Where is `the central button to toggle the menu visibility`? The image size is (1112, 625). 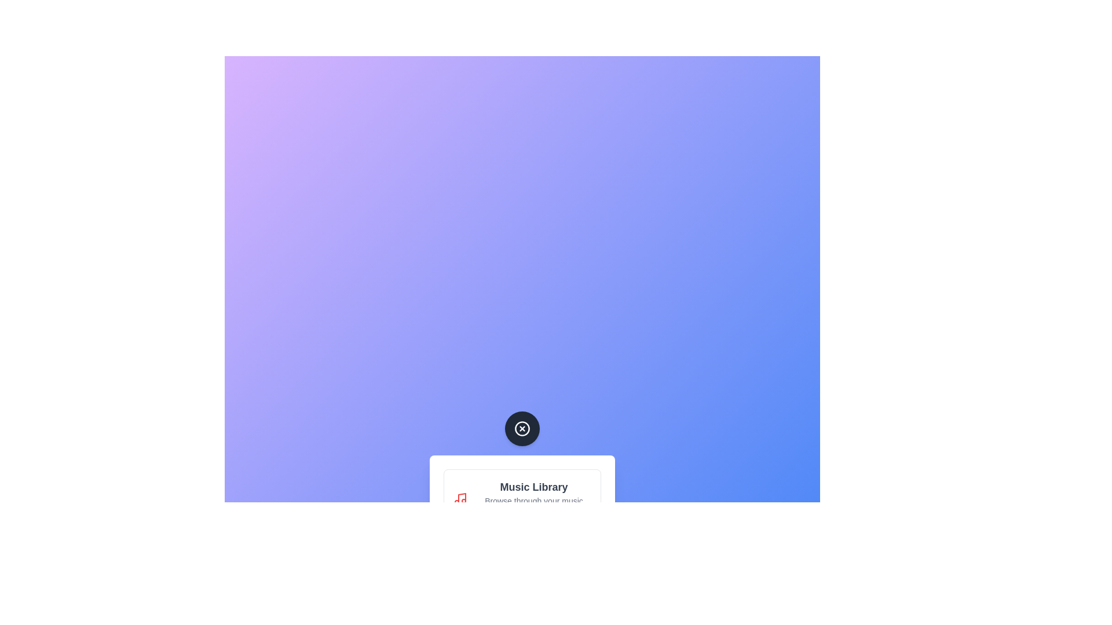
the central button to toggle the menu visibility is located at coordinates (522, 428).